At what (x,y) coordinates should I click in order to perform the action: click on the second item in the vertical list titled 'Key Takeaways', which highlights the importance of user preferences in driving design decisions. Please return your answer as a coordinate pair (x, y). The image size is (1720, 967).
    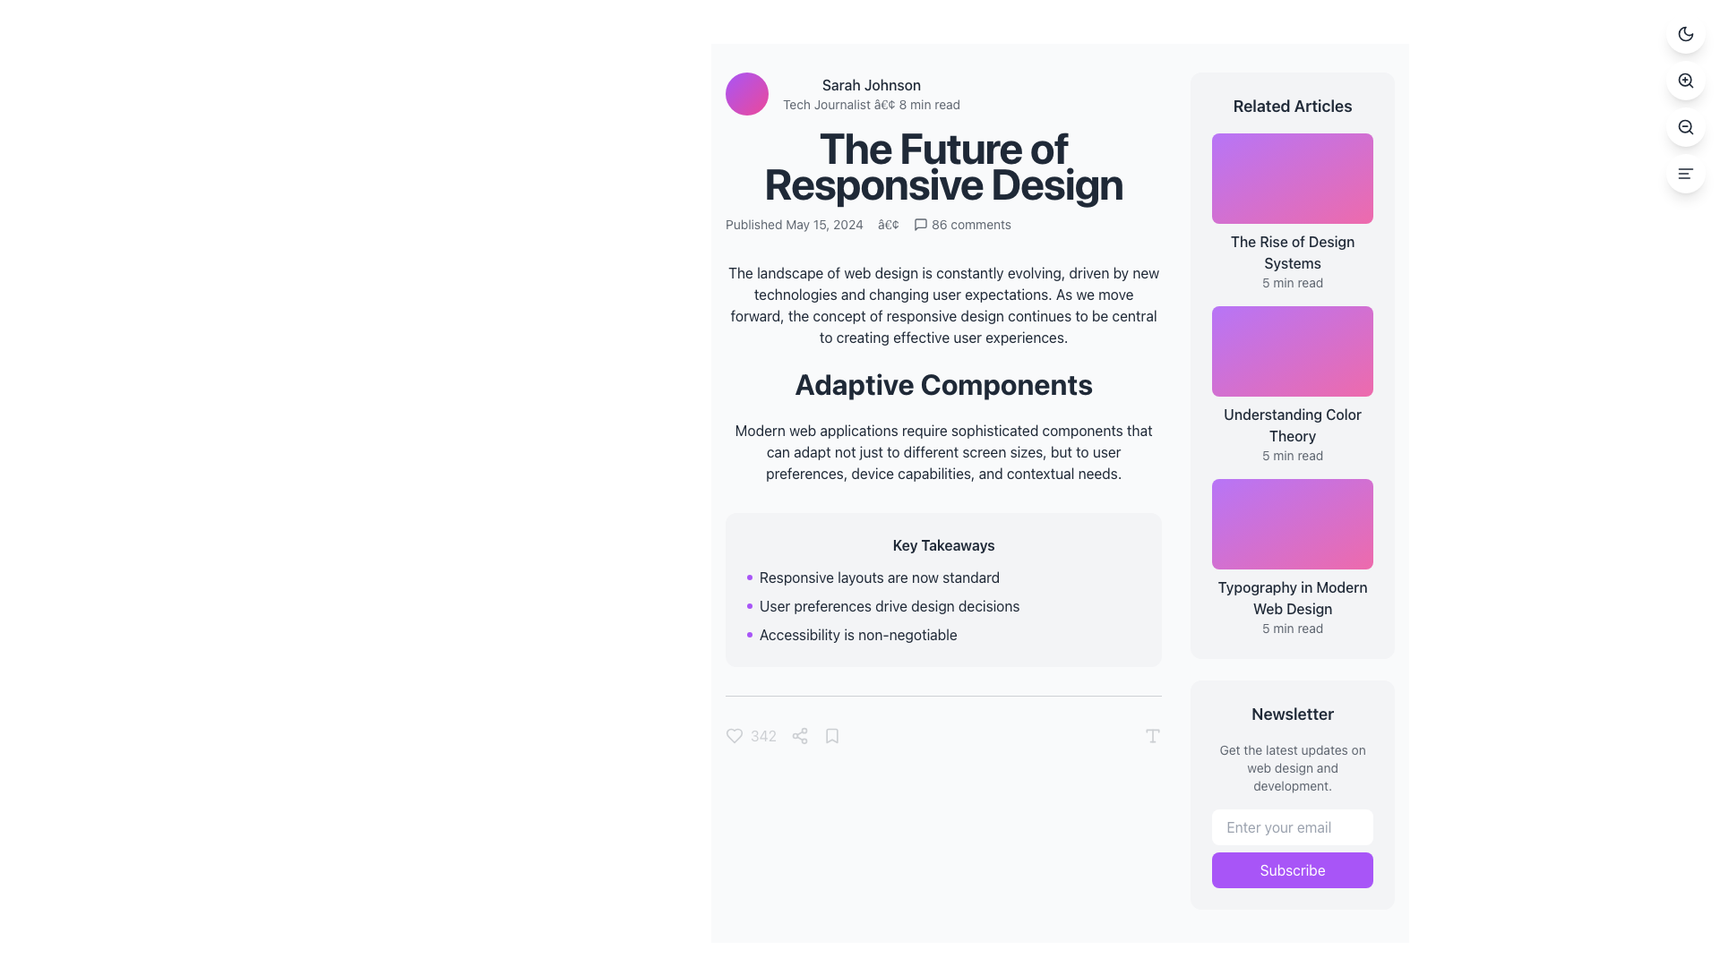
    Looking at the image, I should click on (942, 605).